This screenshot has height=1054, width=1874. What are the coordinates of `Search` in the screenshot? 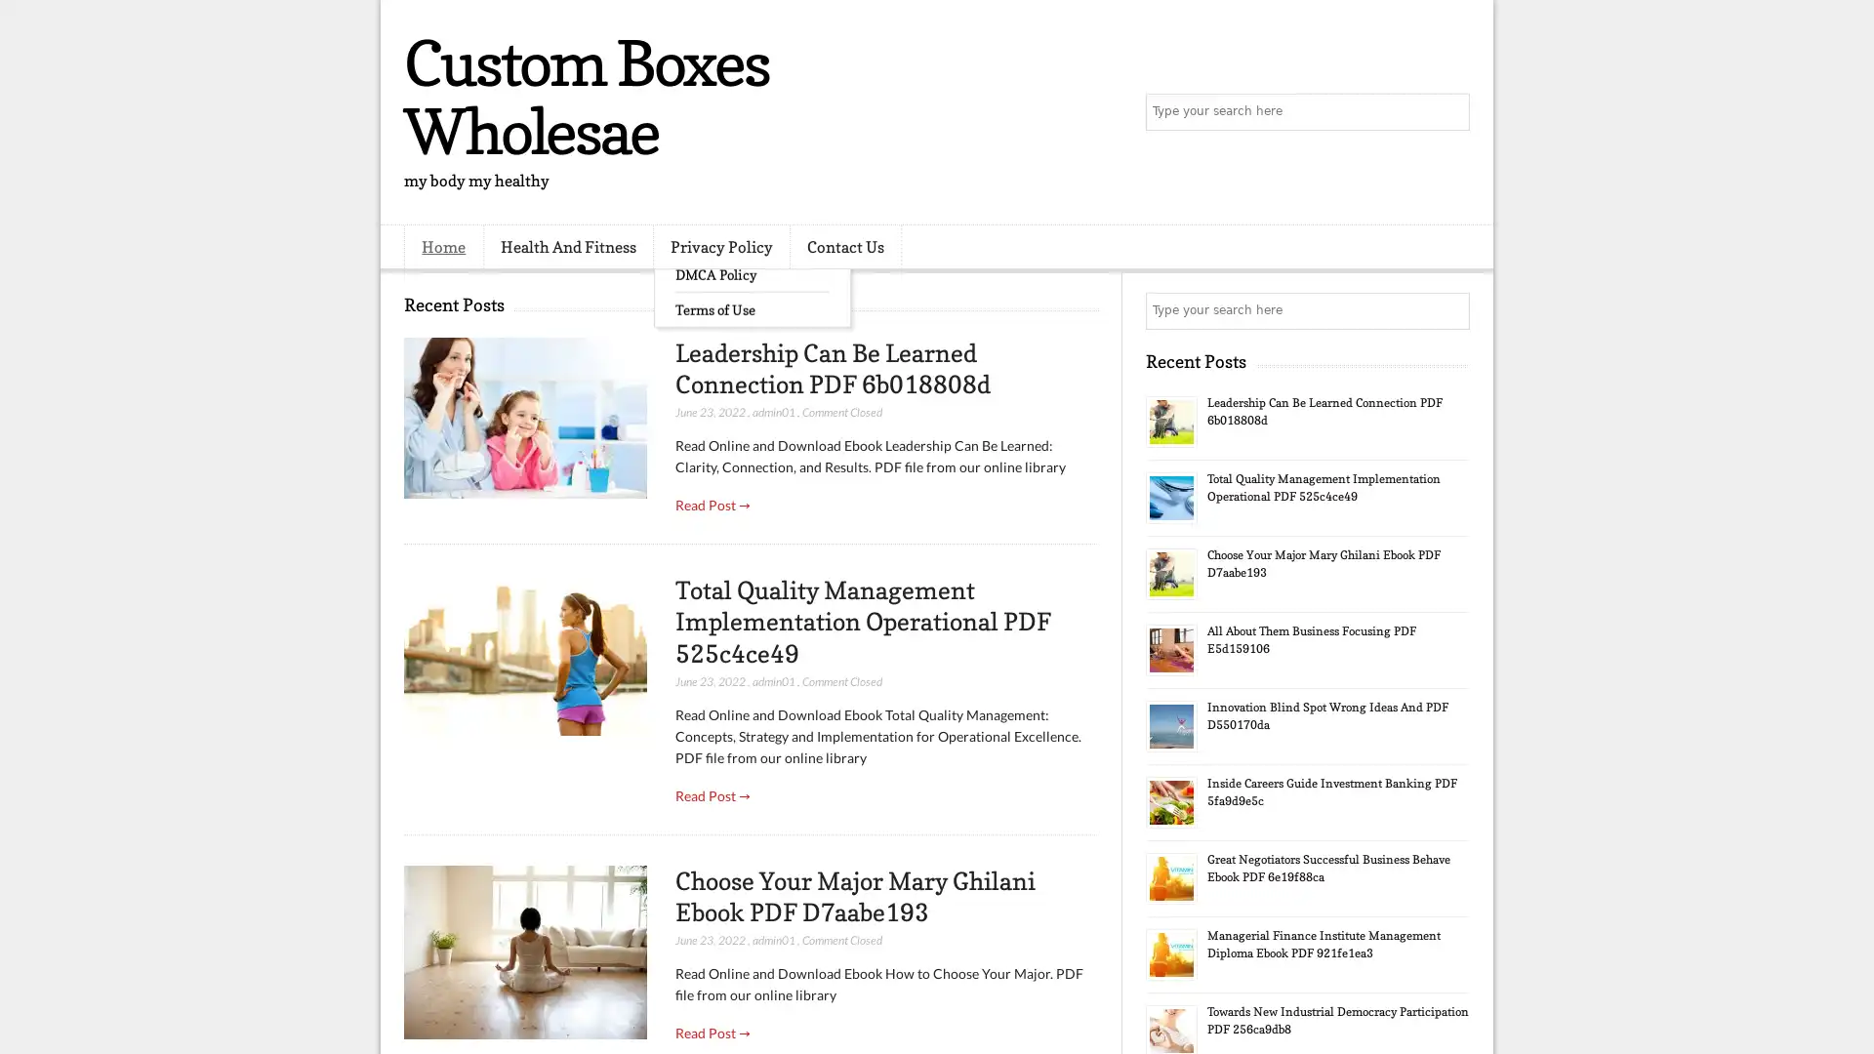 It's located at (1449, 112).